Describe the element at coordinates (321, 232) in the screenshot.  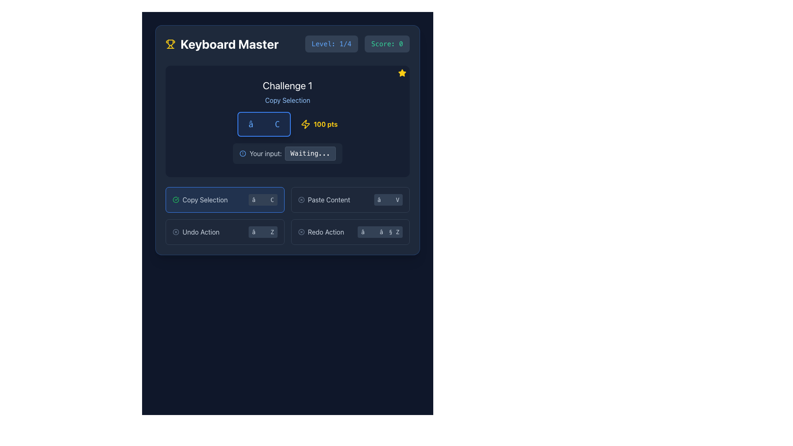
I see `the keyboard interaction on the 'Redo Action' button` at that location.